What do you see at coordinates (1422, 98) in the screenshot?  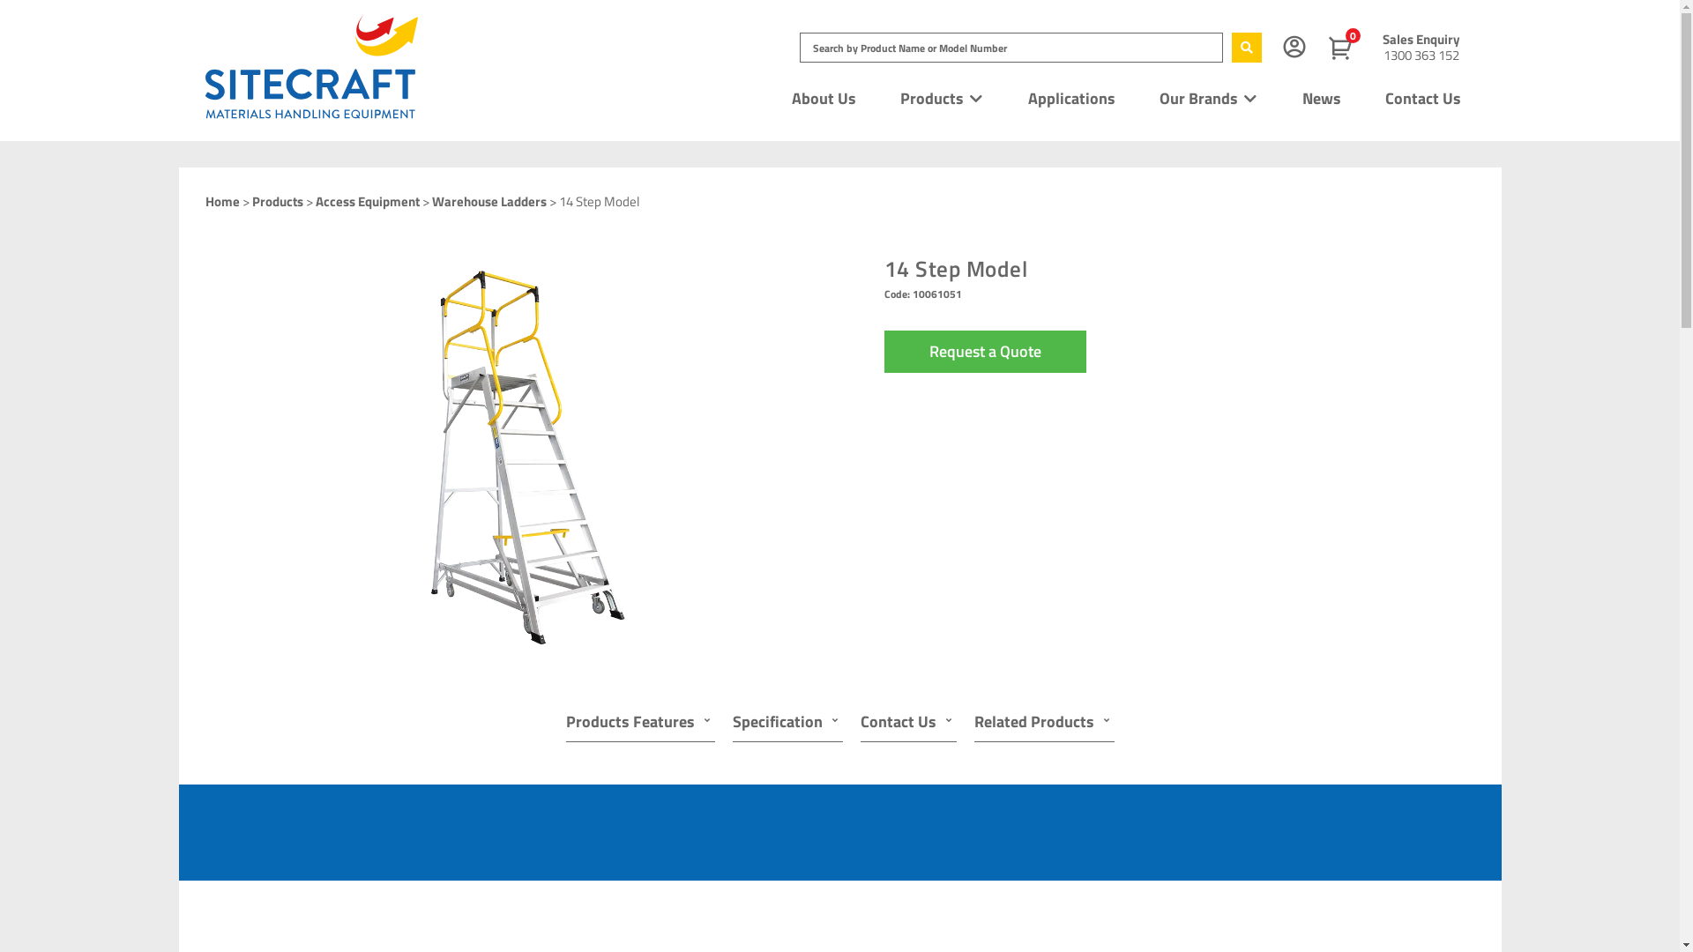 I see `'Contact Us'` at bounding box center [1422, 98].